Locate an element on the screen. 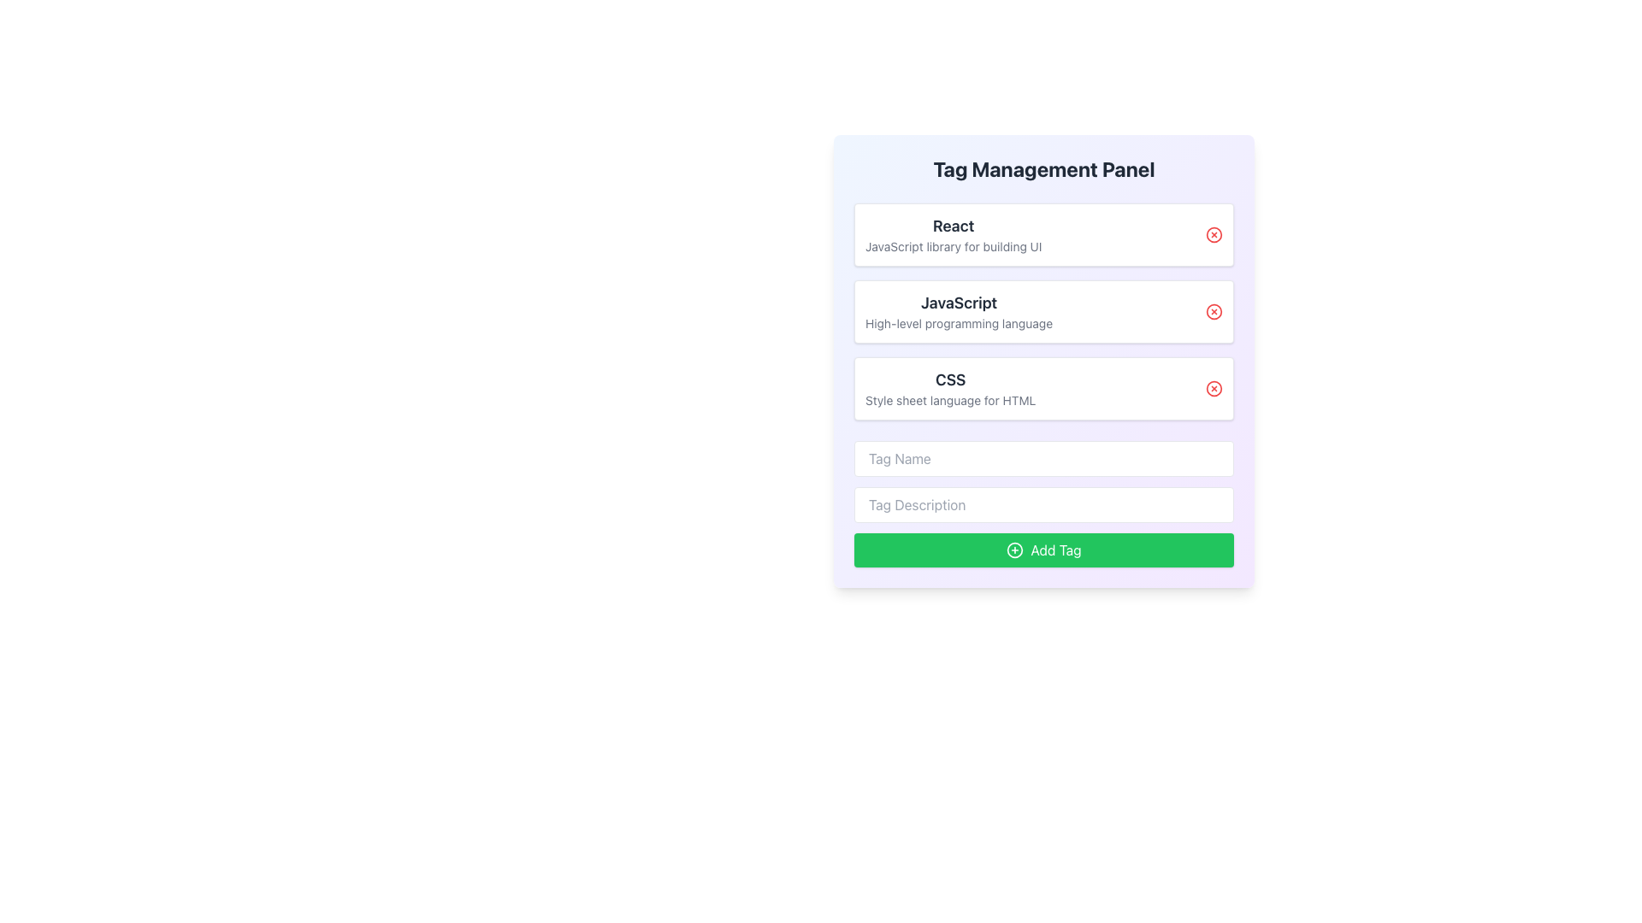 The width and height of the screenshot is (1642, 923). details of the tag located in the second row of the List Item section within the 'Tag Management Panel', which is positioned between the rows labeled 'React' and 'CSS' is located at coordinates (1042, 312).